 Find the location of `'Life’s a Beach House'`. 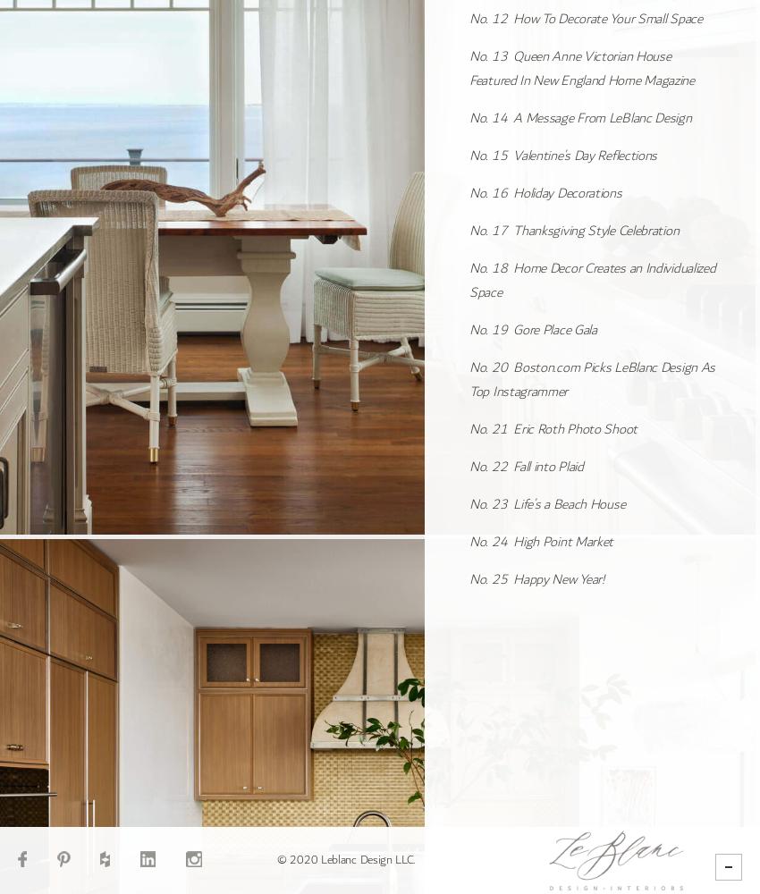

'Life’s a Beach House' is located at coordinates (568, 502).